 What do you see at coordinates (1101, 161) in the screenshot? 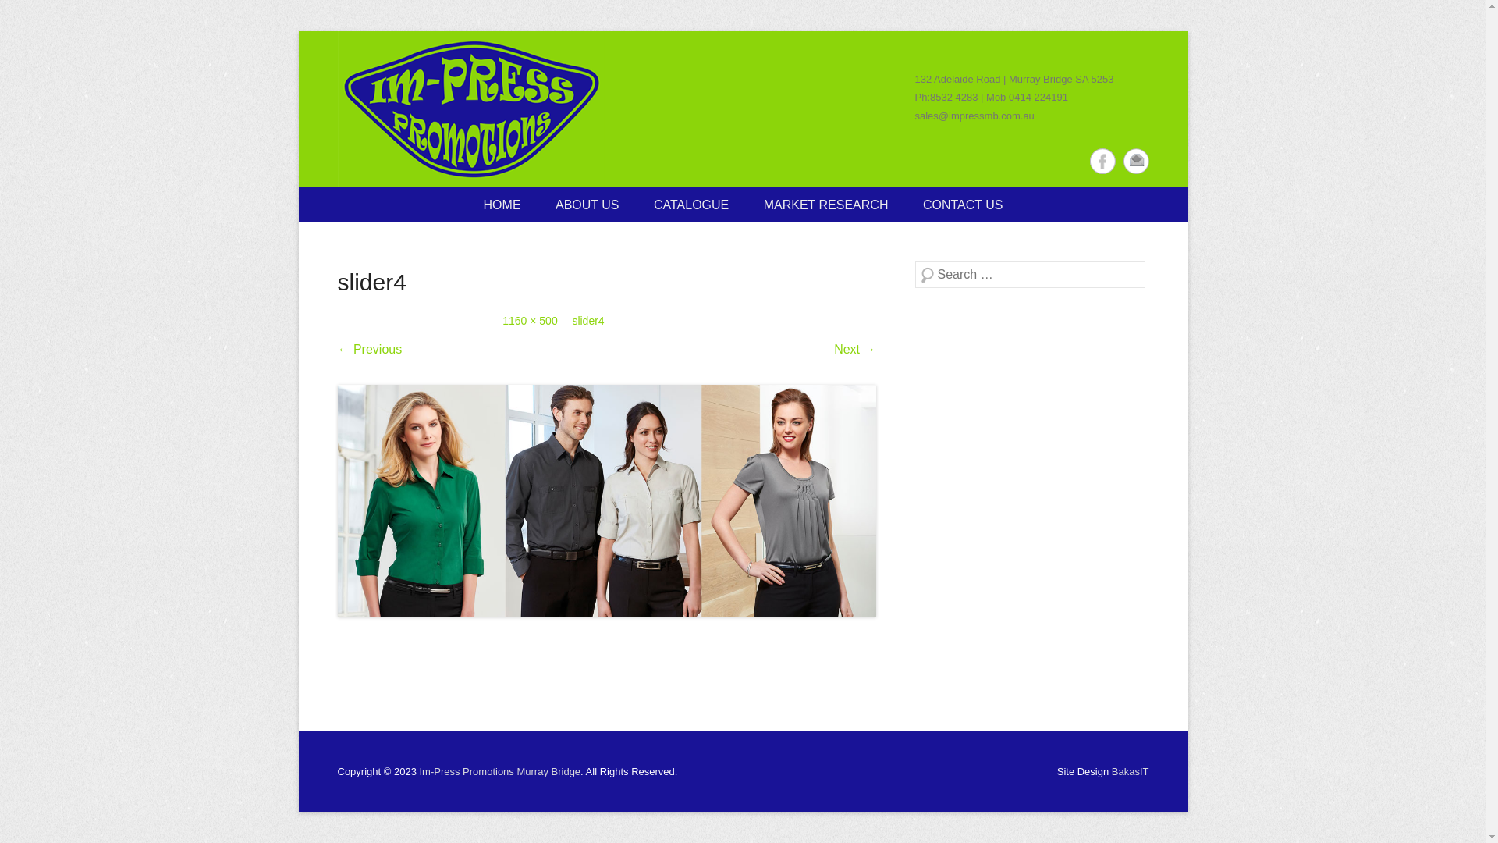
I see `'Facebook'` at bounding box center [1101, 161].